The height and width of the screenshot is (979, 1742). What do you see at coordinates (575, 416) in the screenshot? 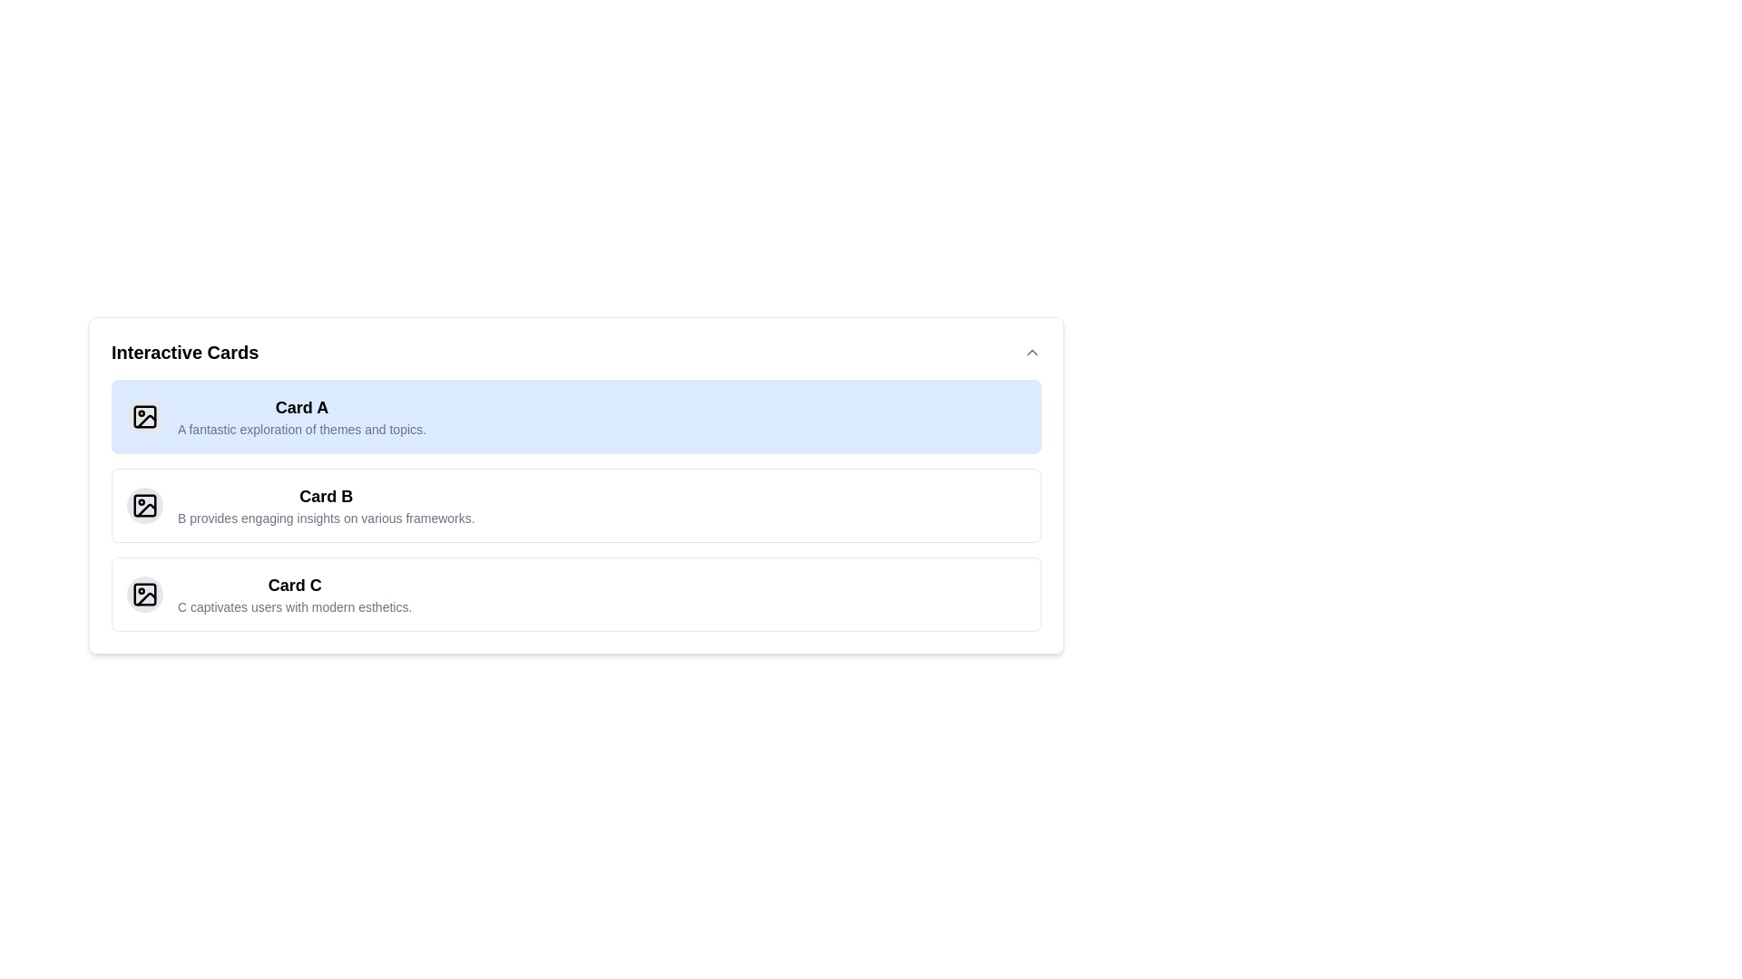
I see `to select or activate the List Card representing 'Card A', which is positioned at the top of the vertical list and has a light blue background` at bounding box center [575, 416].